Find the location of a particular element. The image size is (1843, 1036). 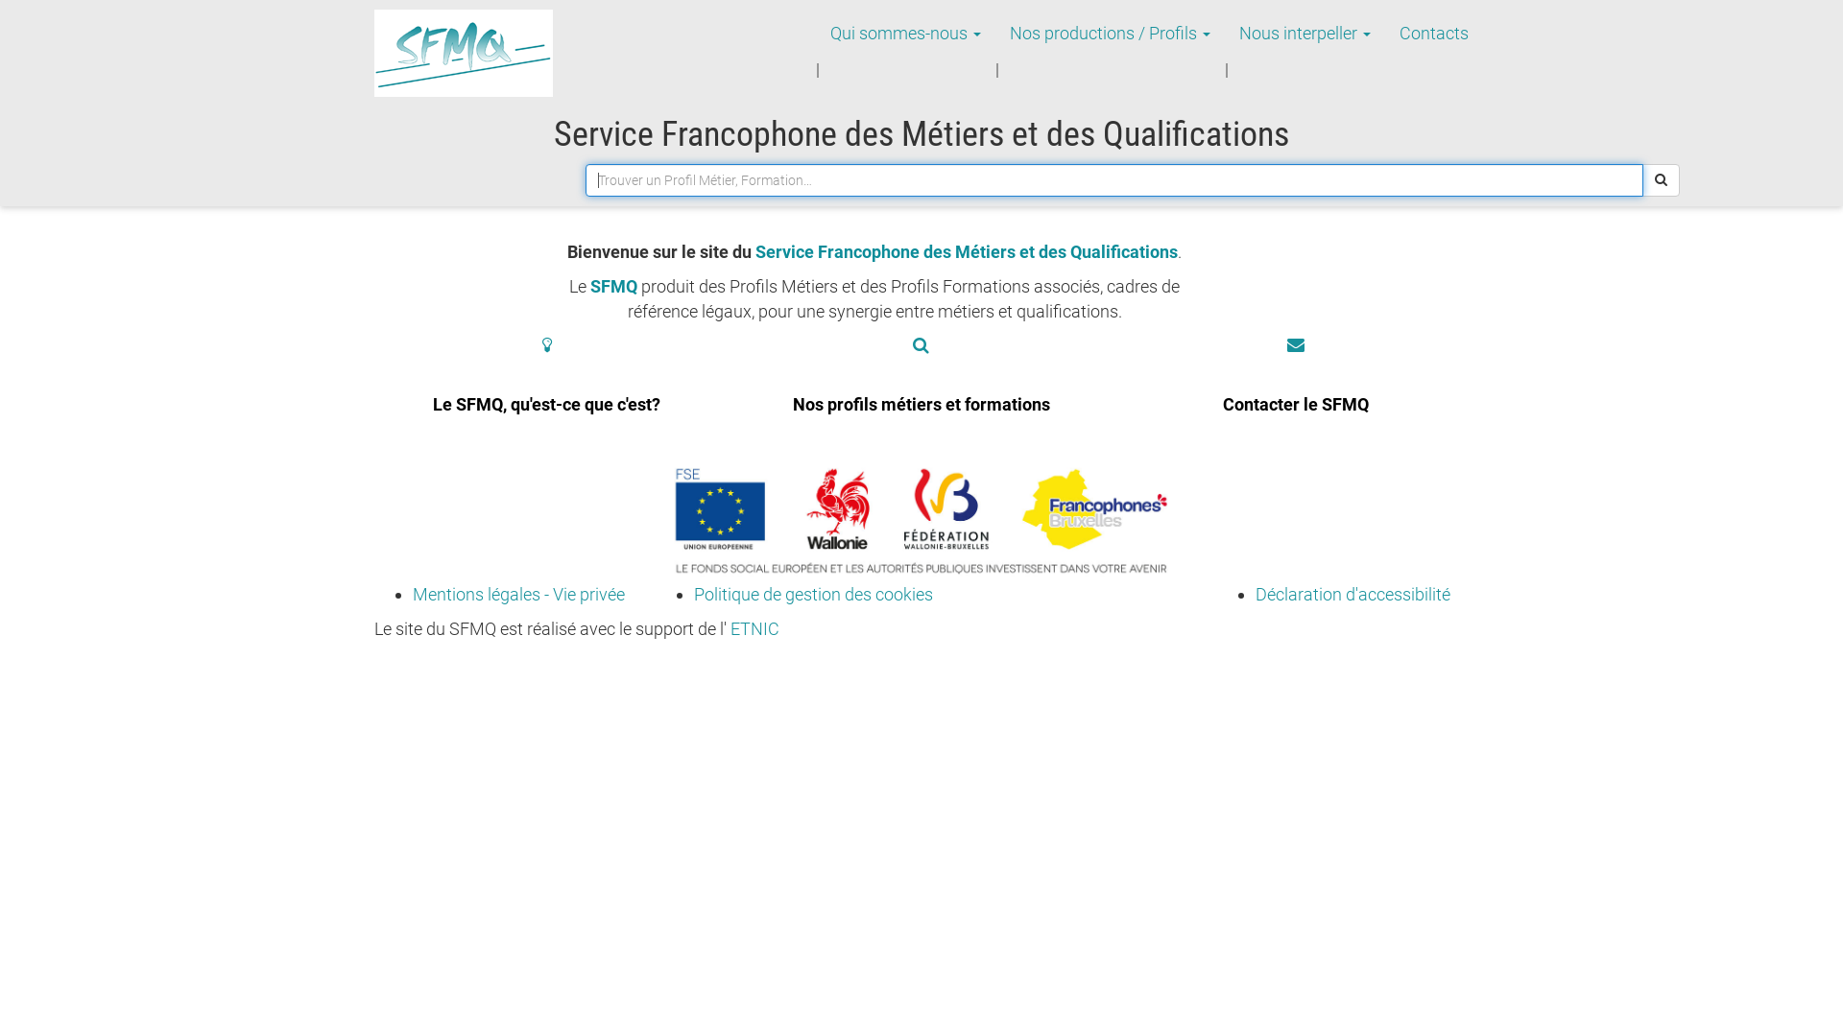

'Contacts' is located at coordinates (1433, 33).